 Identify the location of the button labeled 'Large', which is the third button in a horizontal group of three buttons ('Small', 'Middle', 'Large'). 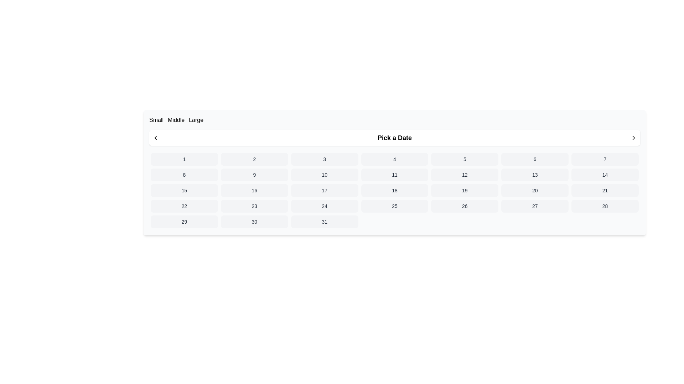
(196, 120).